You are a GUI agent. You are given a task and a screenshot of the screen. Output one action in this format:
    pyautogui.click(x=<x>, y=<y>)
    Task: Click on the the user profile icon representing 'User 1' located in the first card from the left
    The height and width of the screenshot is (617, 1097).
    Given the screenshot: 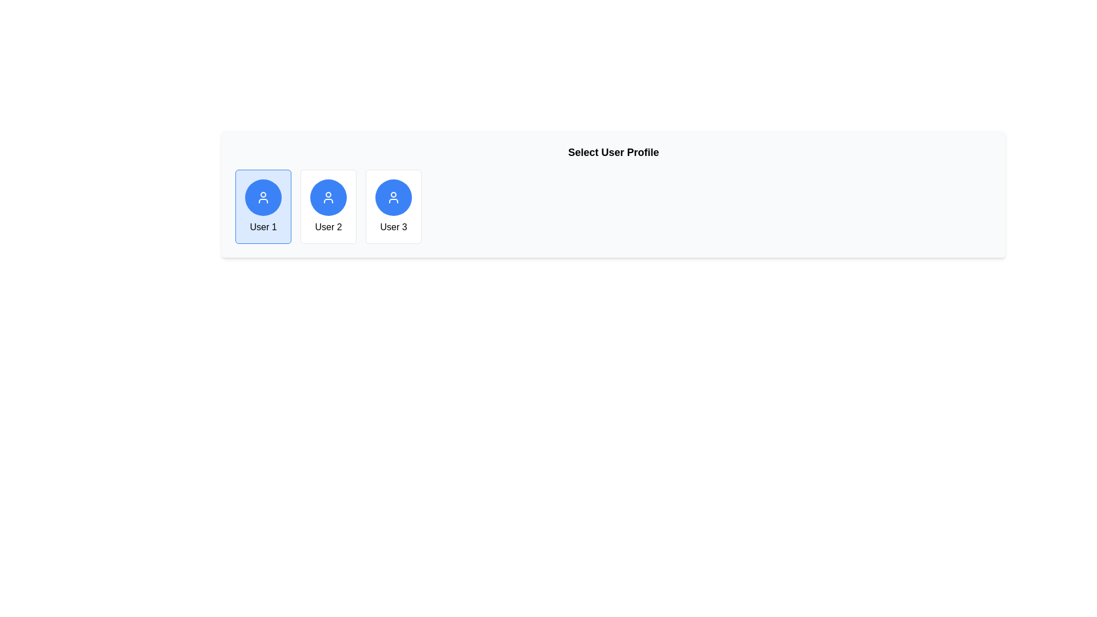 What is the action you would take?
    pyautogui.click(x=262, y=197)
    